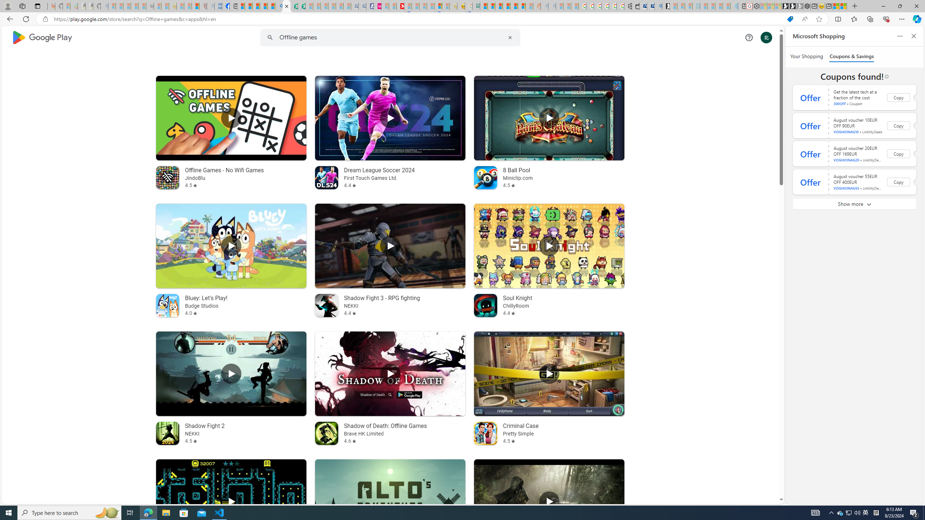 Image resolution: width=925 pixels, height=520 pixels. What do you see at coordinates (886, 18) in the screenshot?
I see `'Browser essentials'` at bounding box center [886, 18].